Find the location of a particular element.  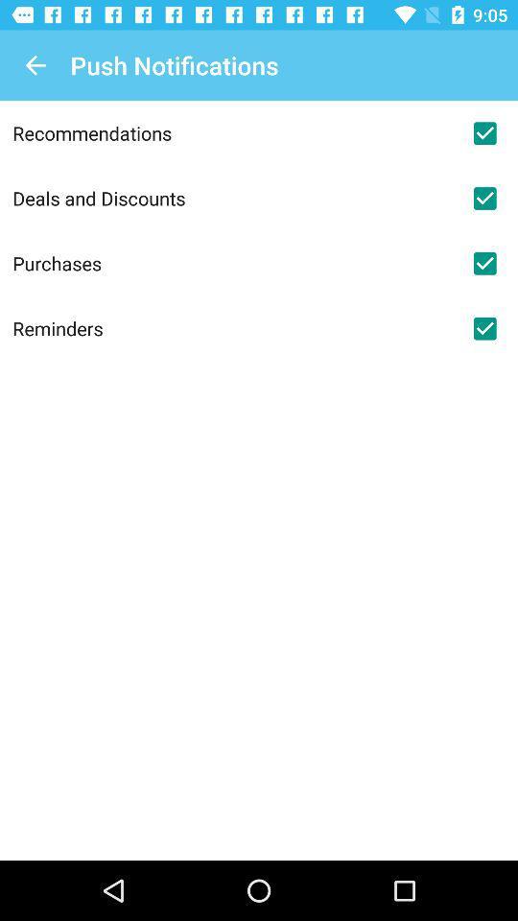

recommendations is located at coordinates (232, 131).